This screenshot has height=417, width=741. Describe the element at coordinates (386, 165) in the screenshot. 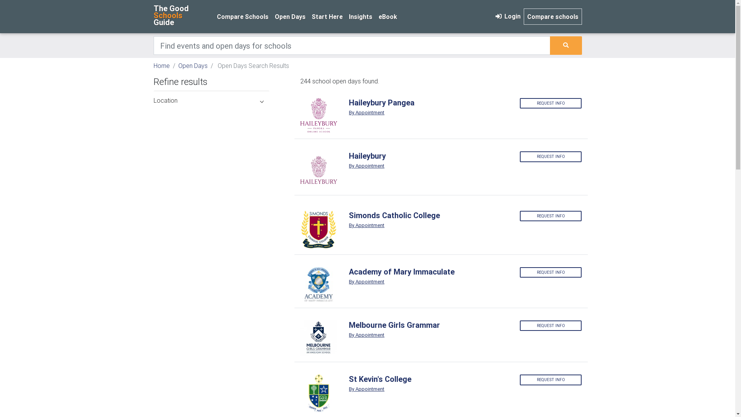

I see `'By Appointment'` at that location.